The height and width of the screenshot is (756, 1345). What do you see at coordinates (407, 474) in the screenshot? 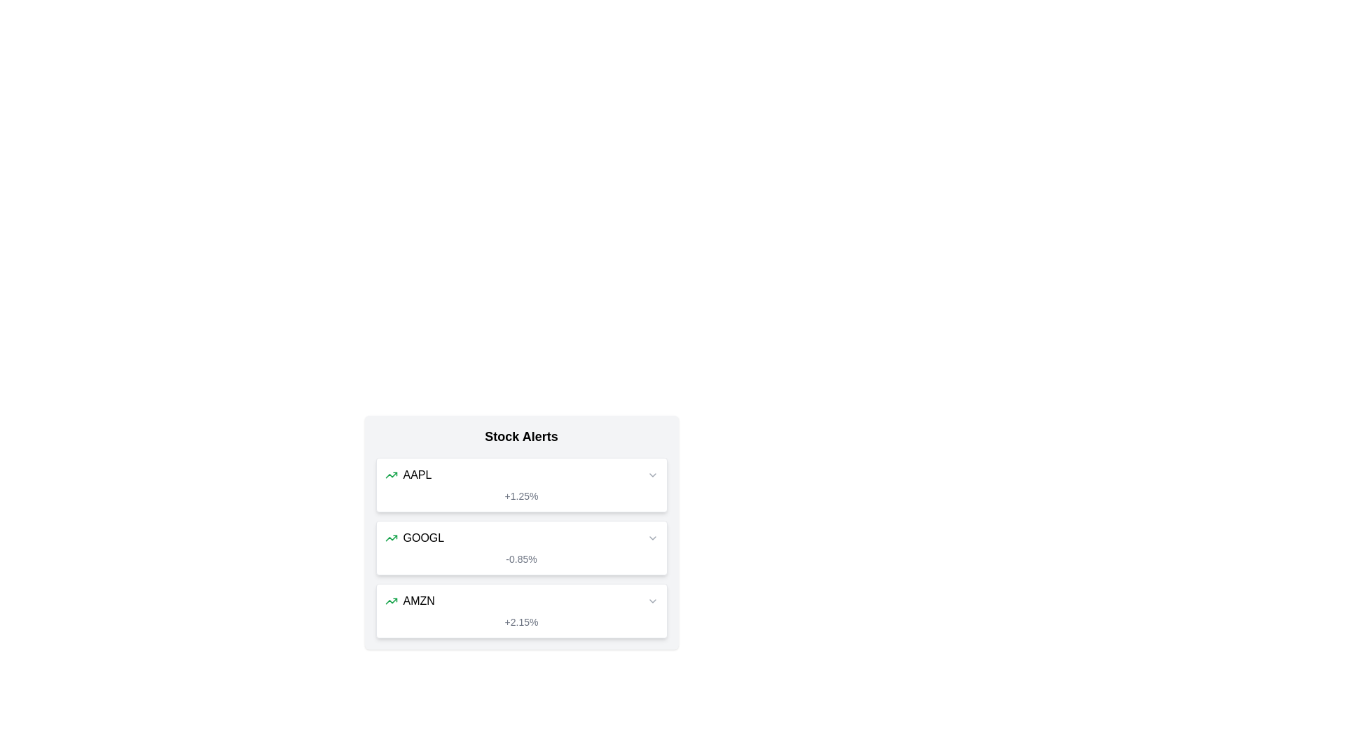
I see `the topmost list item in the 'Stock Alerts' card, which displays a green upward trending icon next to the bold text 'AAPL'` at bounding box center [407, 474].